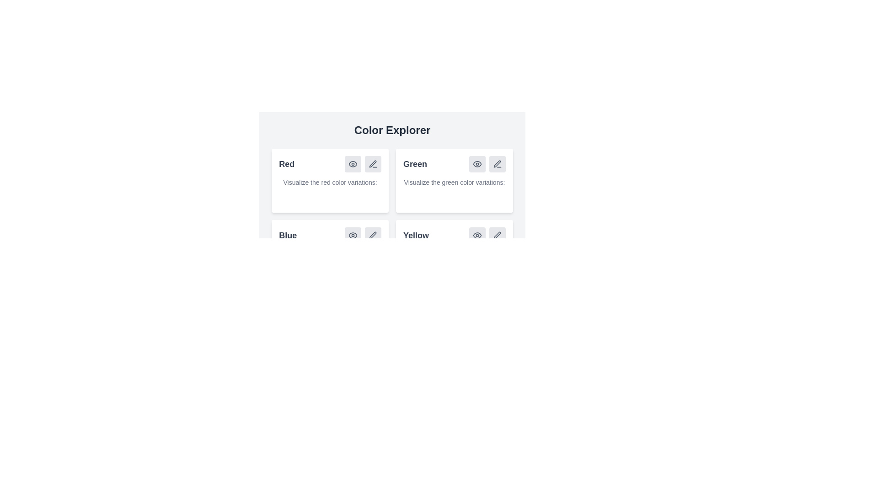 This screenshot has width=878, height=494. What do you see at coordinates (497, 163) in the screenshot?
I see `the second button in the horizontal row of controls associated with the 'Green' color panel` at bounding box center [497, 163].